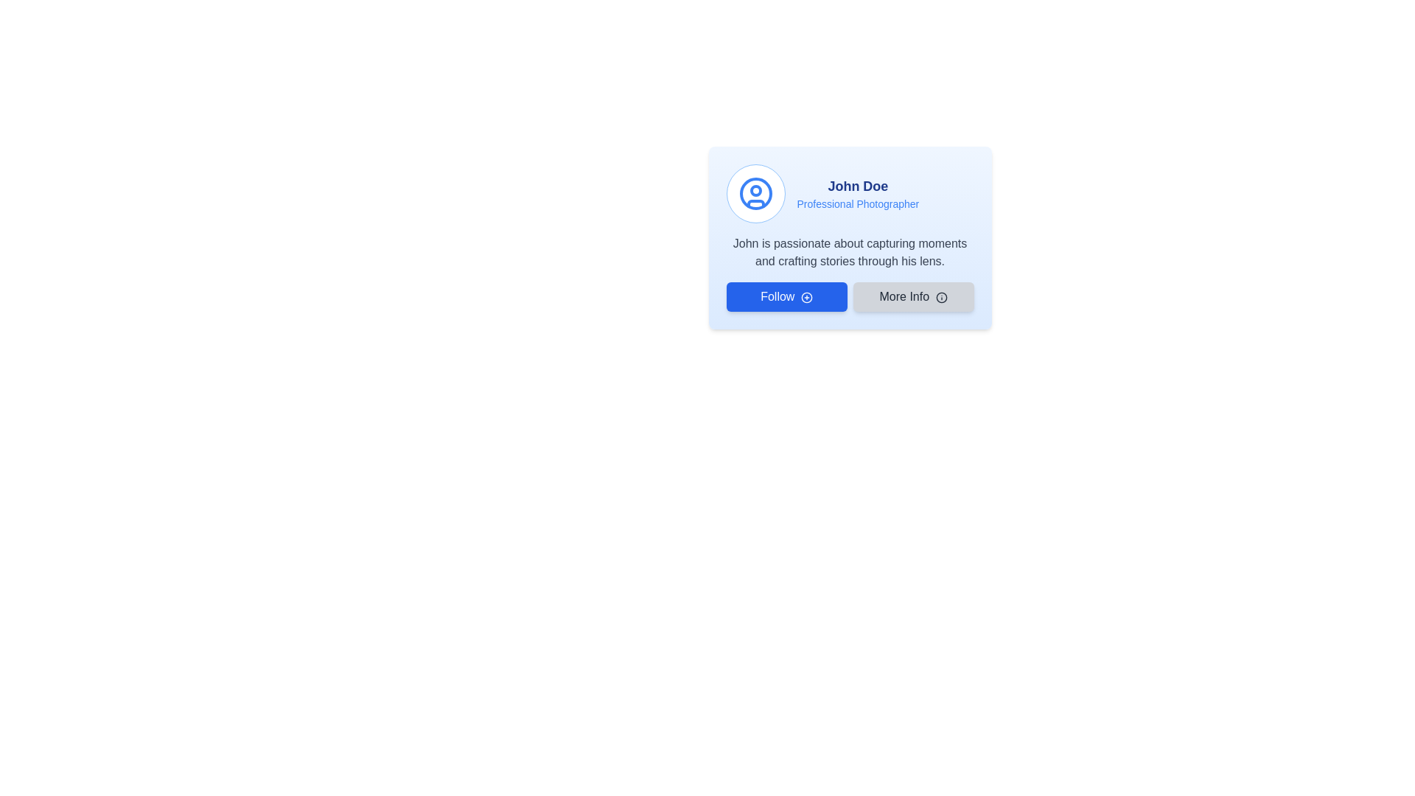 The image size is (1415, 796). Describe the element at coordinates (858, 204) in the screenshot. I see `the text label displaying 'Professional Photographer' which is located directly under the name 'John Doe'` at that location.